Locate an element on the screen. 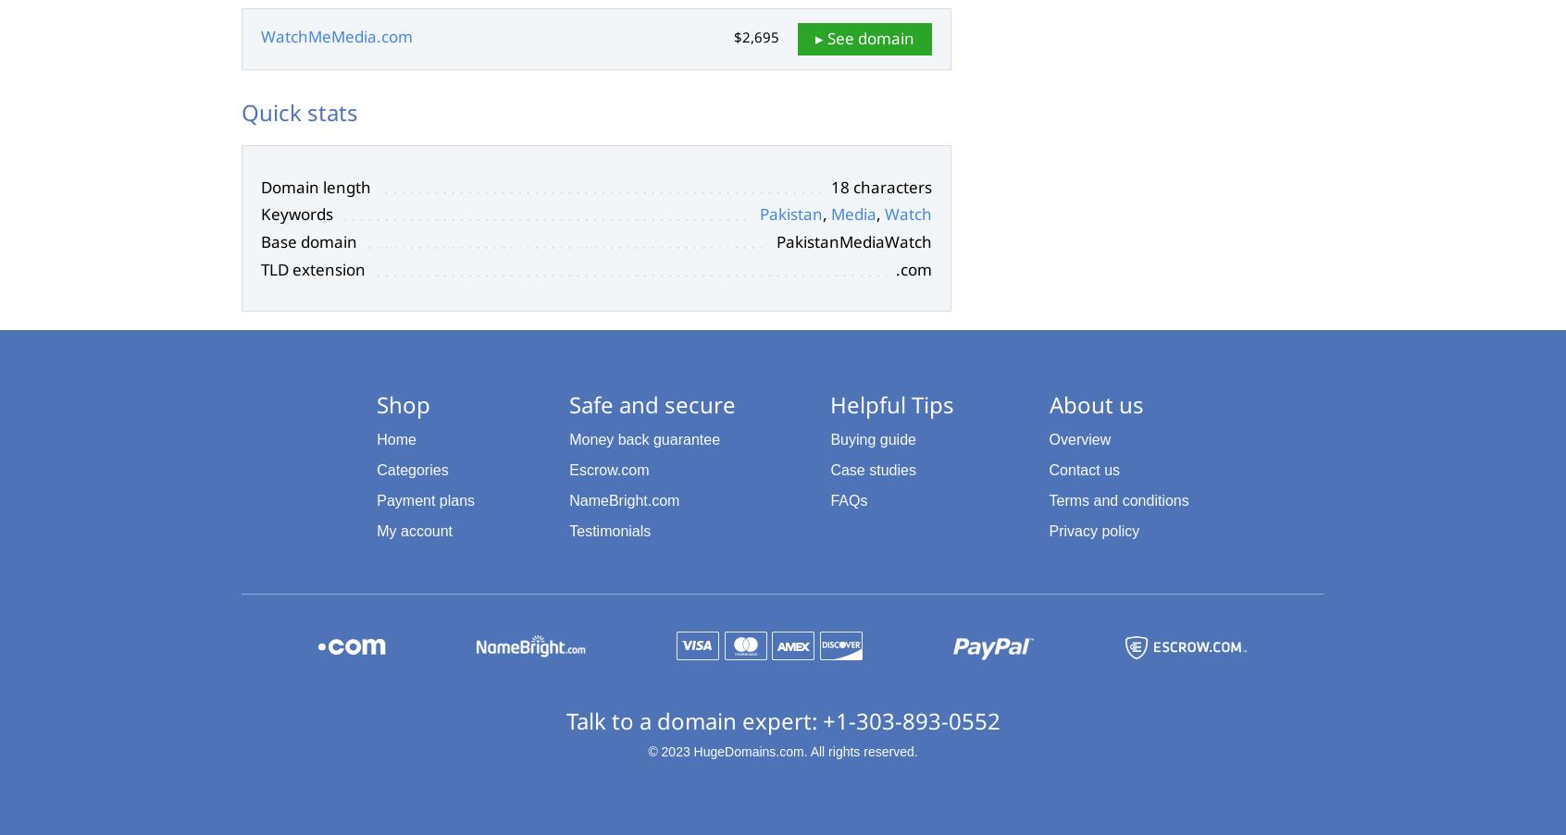  'FAQs' is located at coordinates (848, 498).